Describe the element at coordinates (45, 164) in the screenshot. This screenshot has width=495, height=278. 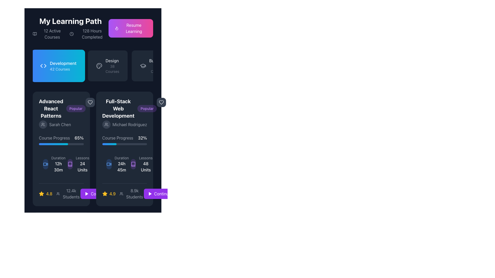
I see `the upper-left portion of the video play button icon, which is part of the media control section under 'Duration' in the course card` at that location.